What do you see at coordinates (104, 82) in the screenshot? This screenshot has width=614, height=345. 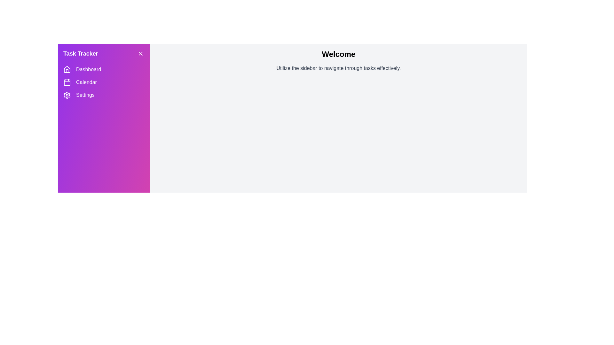 I see `the menu item labeled Calendar` at bounding box center [104, 82].